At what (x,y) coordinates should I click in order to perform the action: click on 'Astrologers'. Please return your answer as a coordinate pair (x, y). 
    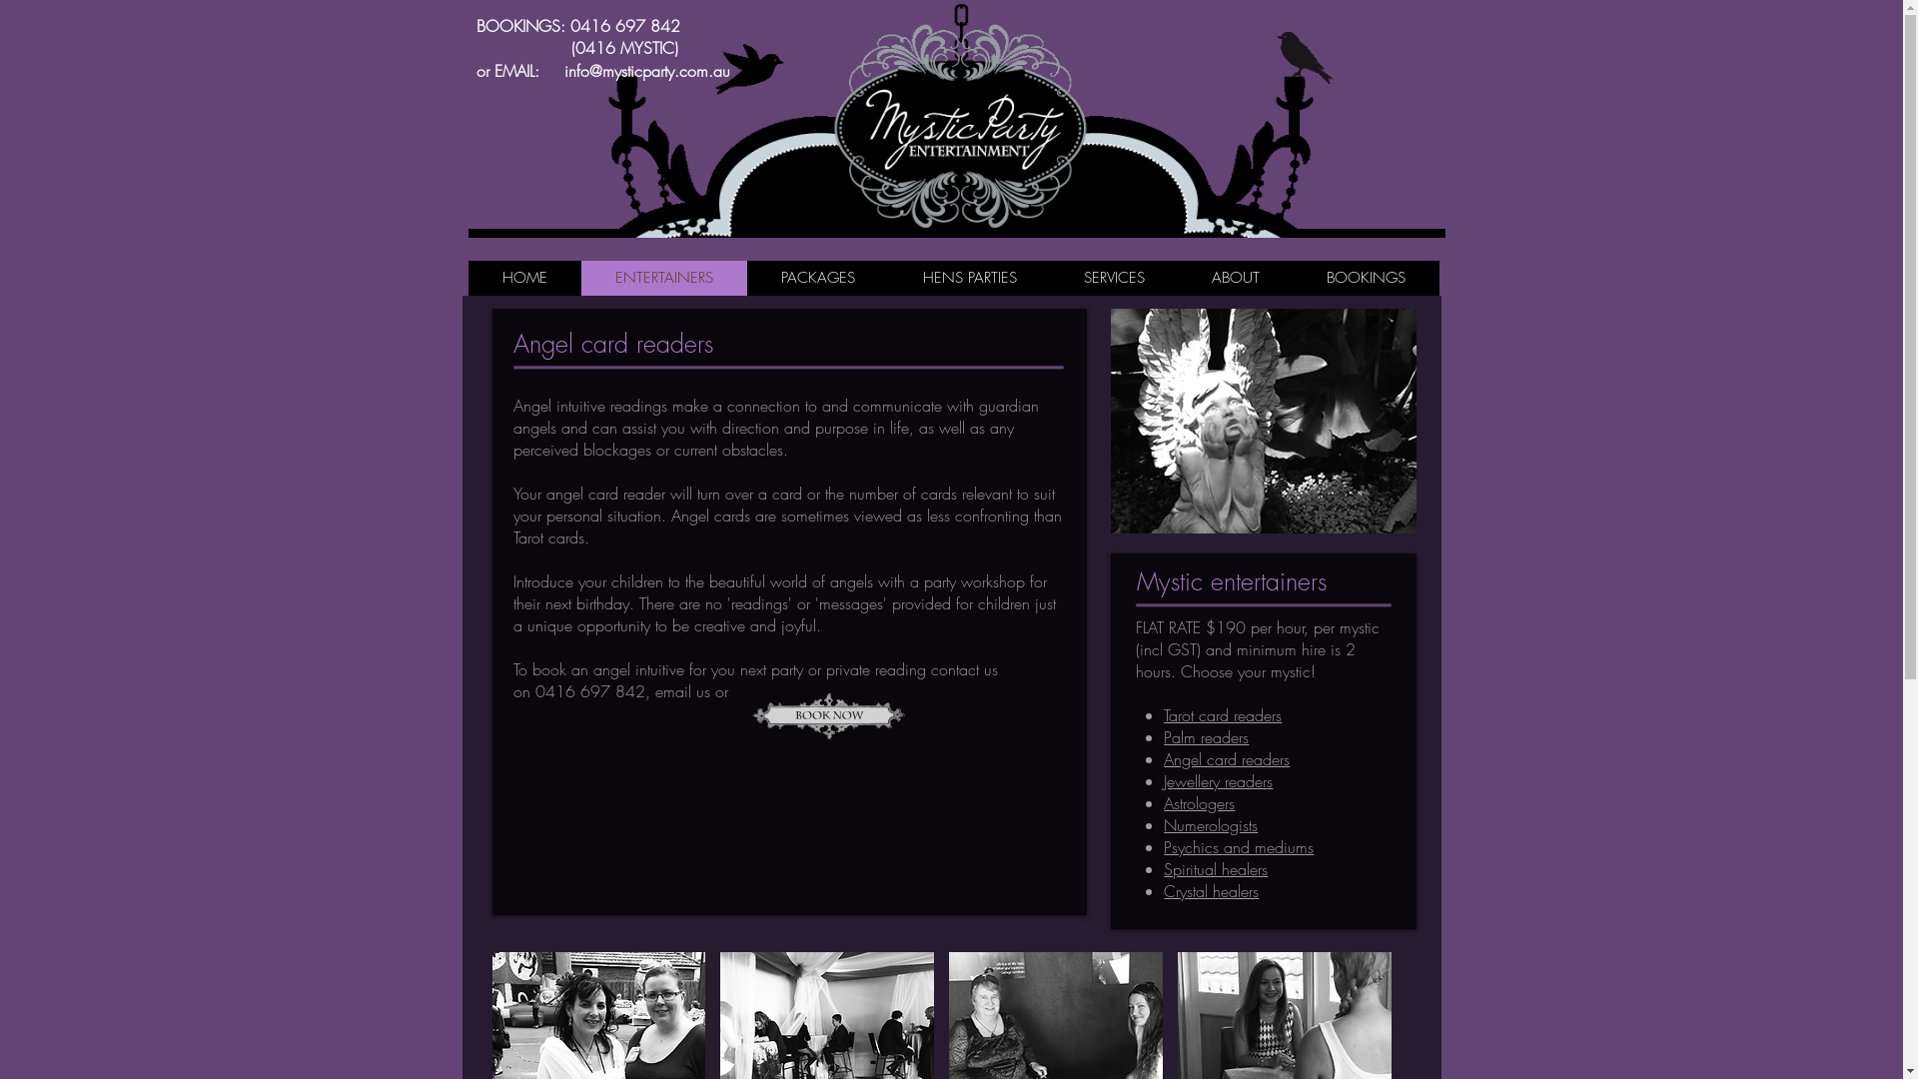
    Looking at the image, I should click on (1199, 801).